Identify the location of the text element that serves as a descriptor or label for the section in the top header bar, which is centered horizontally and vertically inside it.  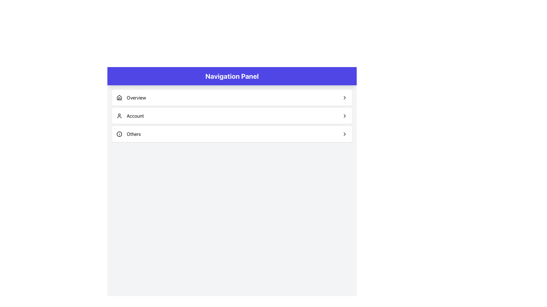
(232, 76).